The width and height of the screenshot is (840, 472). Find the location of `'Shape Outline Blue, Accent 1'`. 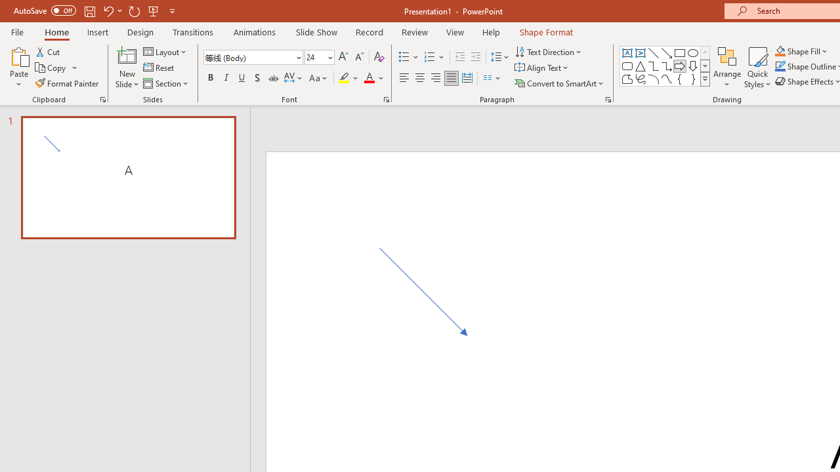

'Shape Outline Blue, Accent 1' is located at coordinates (780, 66).